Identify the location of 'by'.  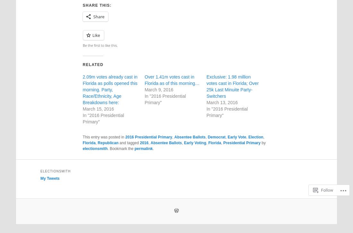
(260, 142).